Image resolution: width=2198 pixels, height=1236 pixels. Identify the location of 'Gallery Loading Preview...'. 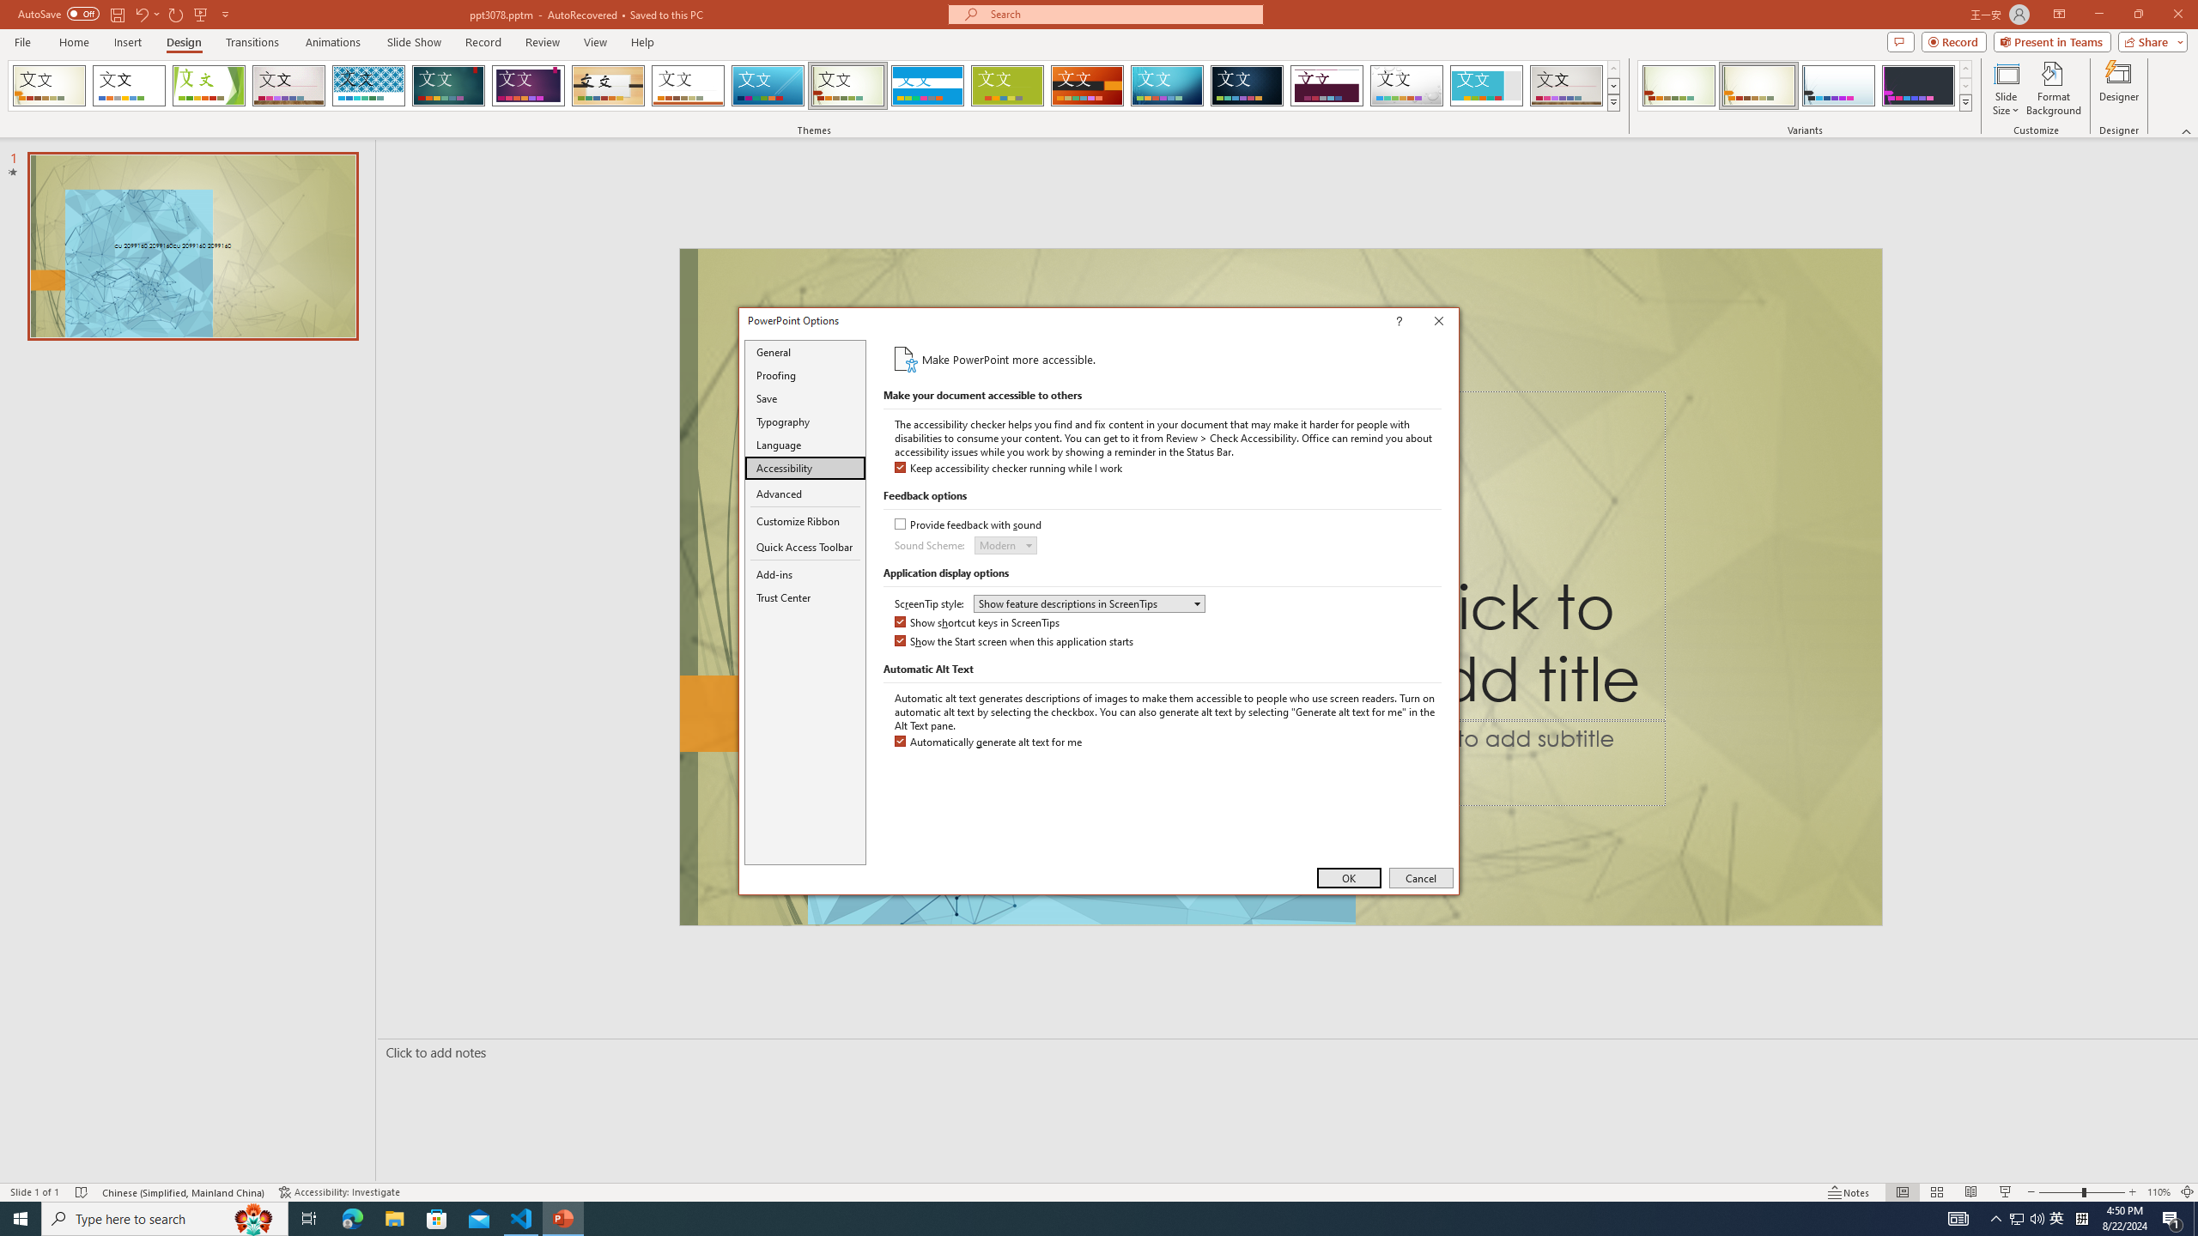
(1567, 85).